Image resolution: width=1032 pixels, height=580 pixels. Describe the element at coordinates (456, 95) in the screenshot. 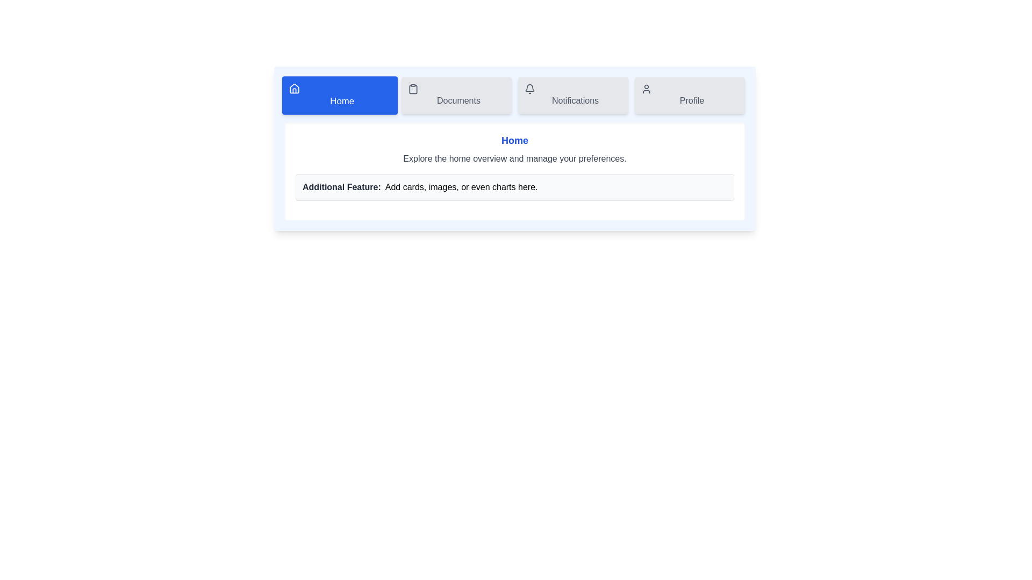

I see `the Documents tab by clicking its button` at that location.